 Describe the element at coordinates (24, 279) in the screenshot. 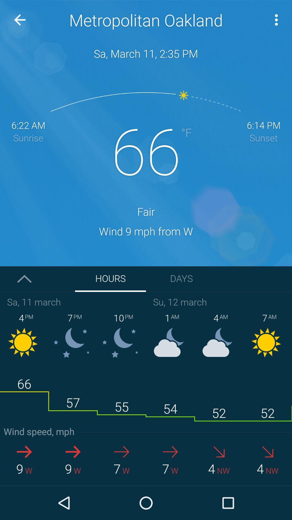

I see `the arrow_upward icon` at that location.